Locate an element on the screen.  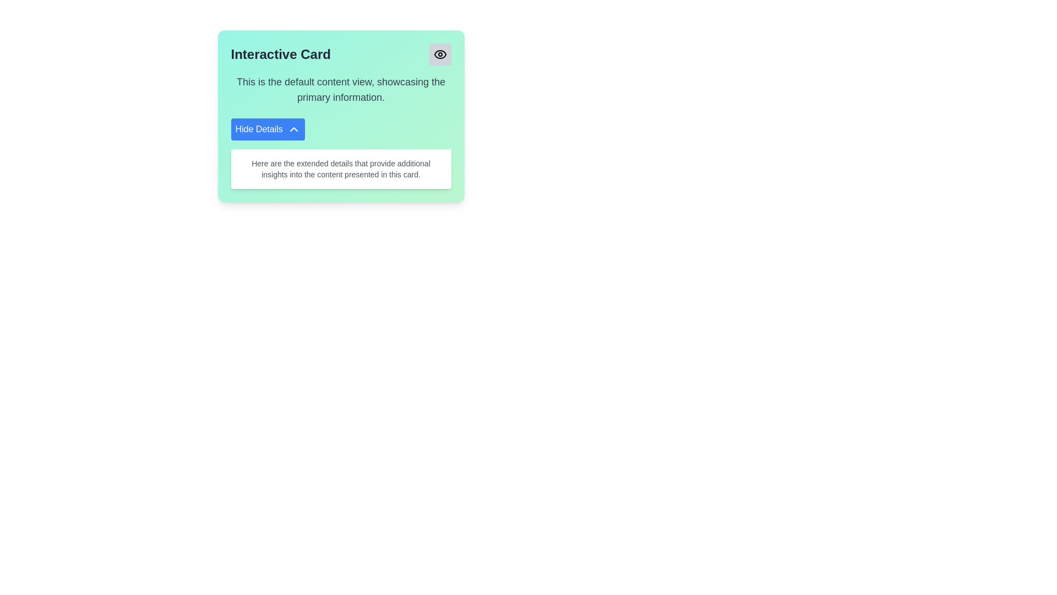
the button with an embedded icon located in the upper-right corner of the 'Interactive Card' is located at coordinates (439, 55).